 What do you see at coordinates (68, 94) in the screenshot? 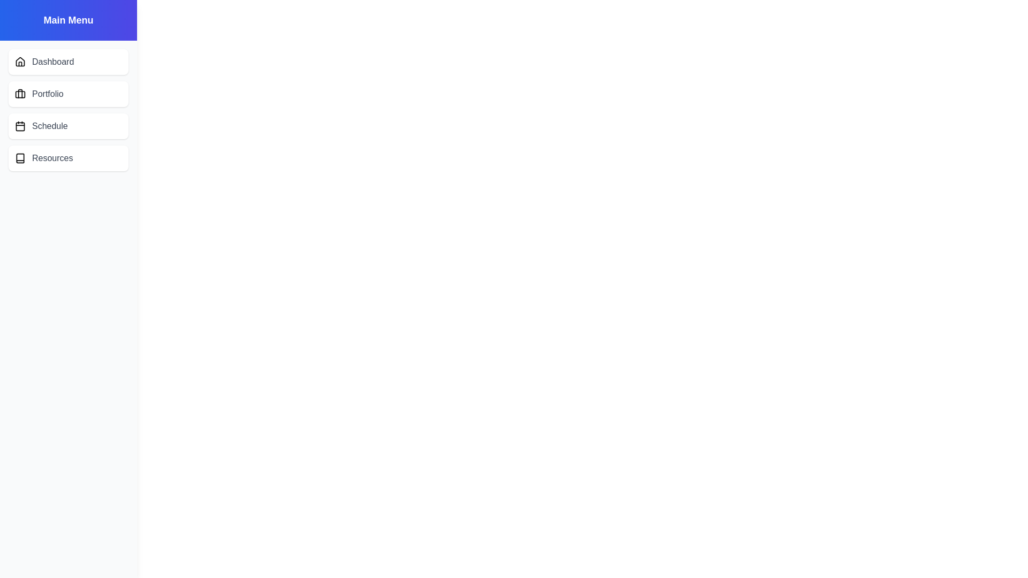
I see `the 'Portfolio' menu item in the sidebar` at bounding box center [68, 94].